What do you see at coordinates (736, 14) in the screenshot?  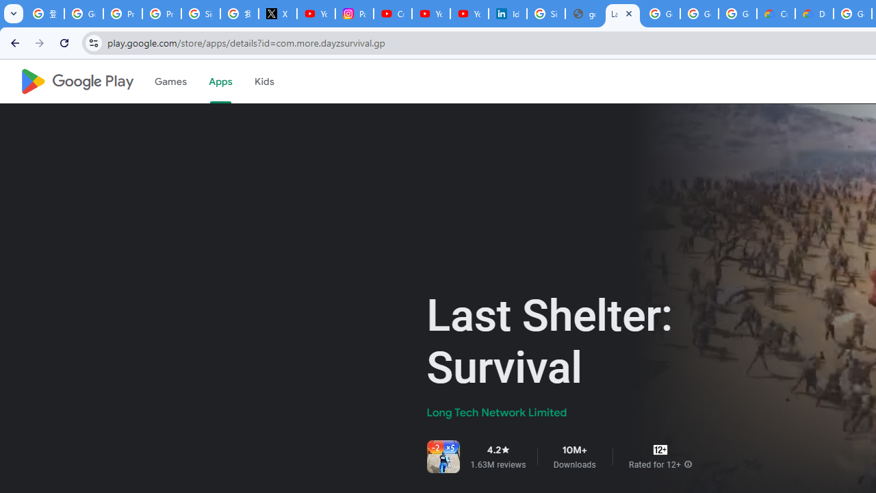 I see `'Google Workspace - Specific Terms'` at bounding box center [736, 14].